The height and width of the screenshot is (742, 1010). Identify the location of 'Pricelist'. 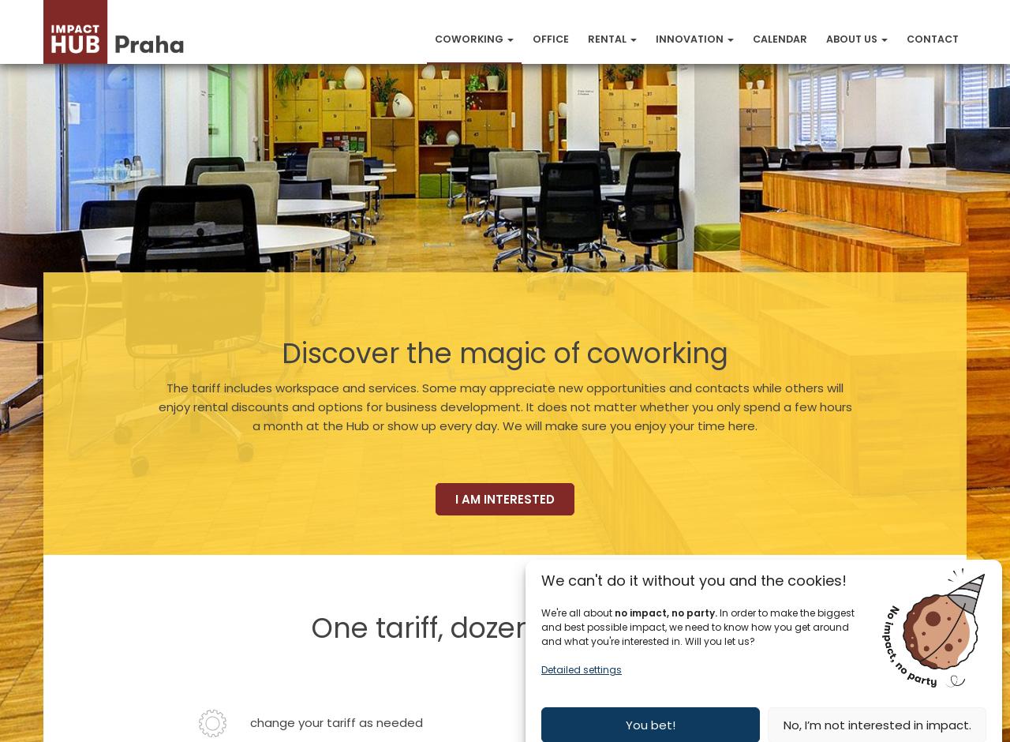
(612, 230).